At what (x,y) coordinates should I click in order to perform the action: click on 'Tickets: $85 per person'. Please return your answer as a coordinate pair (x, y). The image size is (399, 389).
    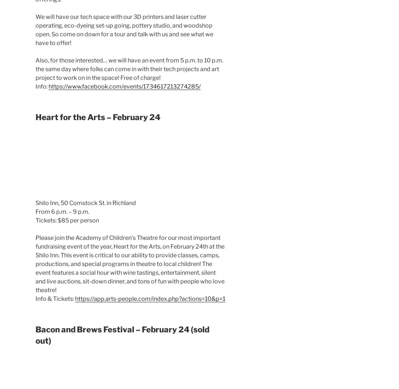
    Looking at the image, I should click on (67, 220).